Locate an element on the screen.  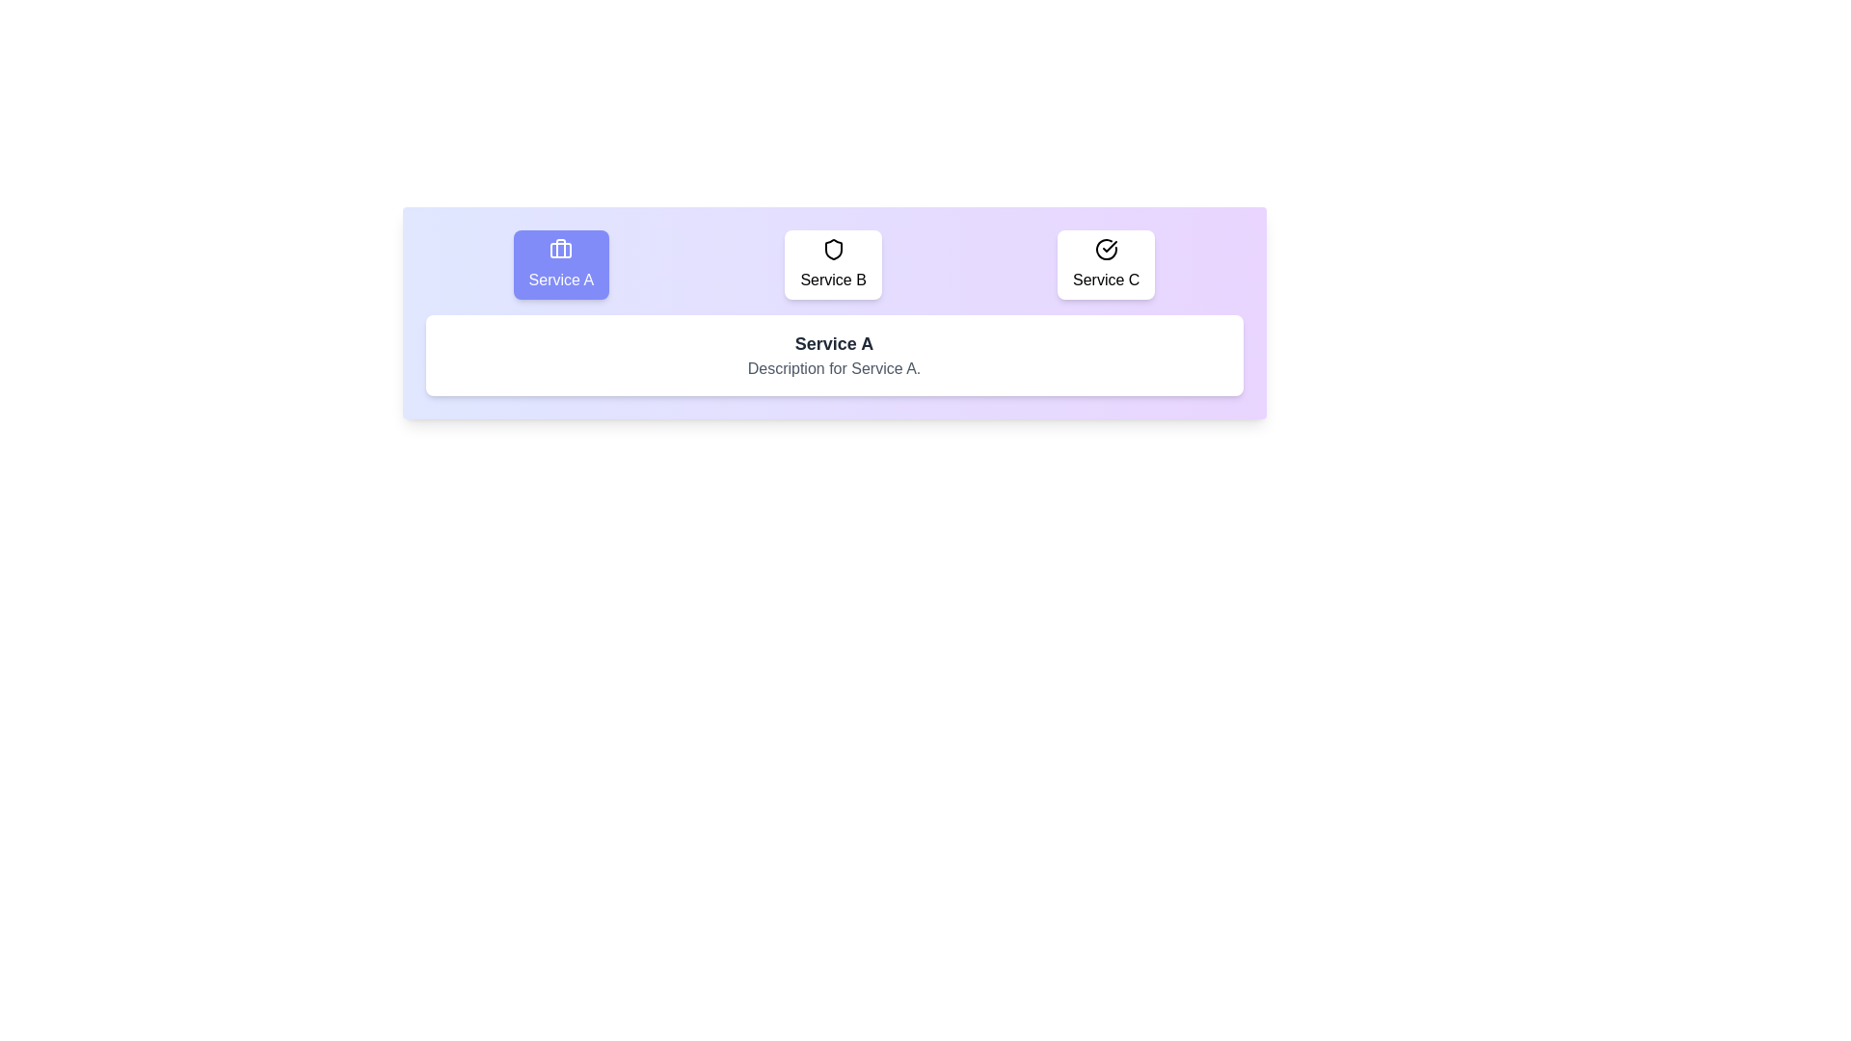
the vertical line element of the suitcase icon within the 'Service A' card is located at coordinates (560, 248).